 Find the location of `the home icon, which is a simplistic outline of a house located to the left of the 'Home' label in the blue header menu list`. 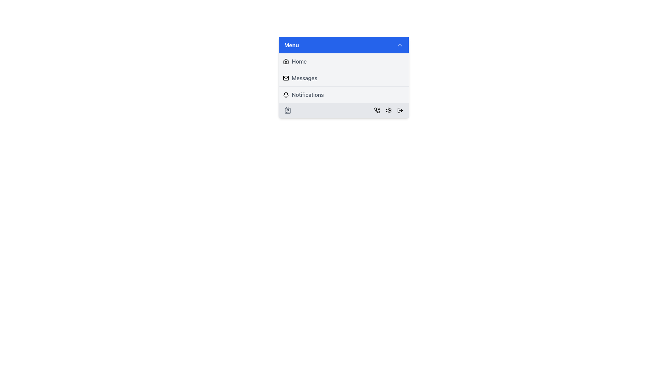

the home icon, which is a simplistic outline of a house located to the left of the 'Home' label in the blue header menu list is located at coordinates (286, 62).